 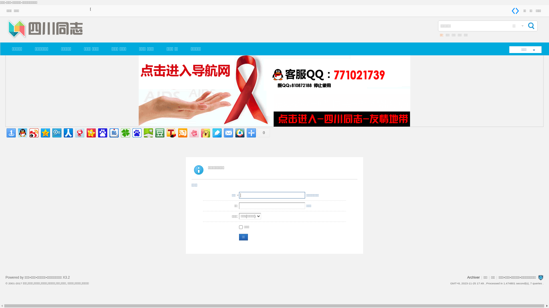 I want to click on 'Archiver', so click(x=467, y=277).